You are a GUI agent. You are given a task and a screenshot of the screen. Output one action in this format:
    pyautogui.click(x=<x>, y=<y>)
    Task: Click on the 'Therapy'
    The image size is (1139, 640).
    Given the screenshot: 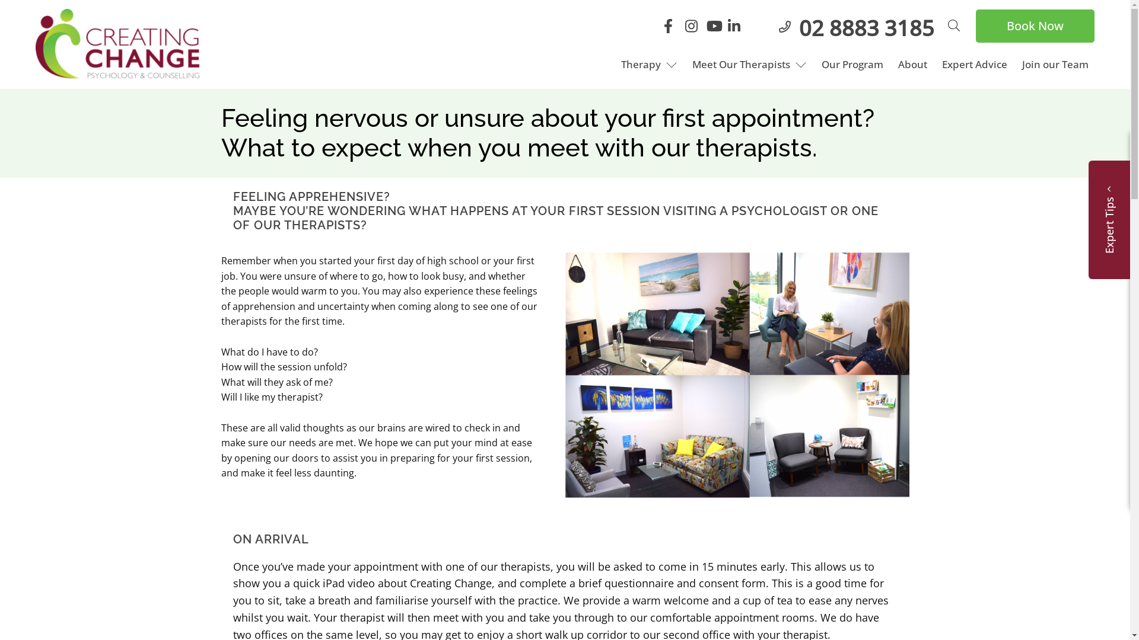 What is the action you would take?
    pyautogui.click(x=615, y=64)
    